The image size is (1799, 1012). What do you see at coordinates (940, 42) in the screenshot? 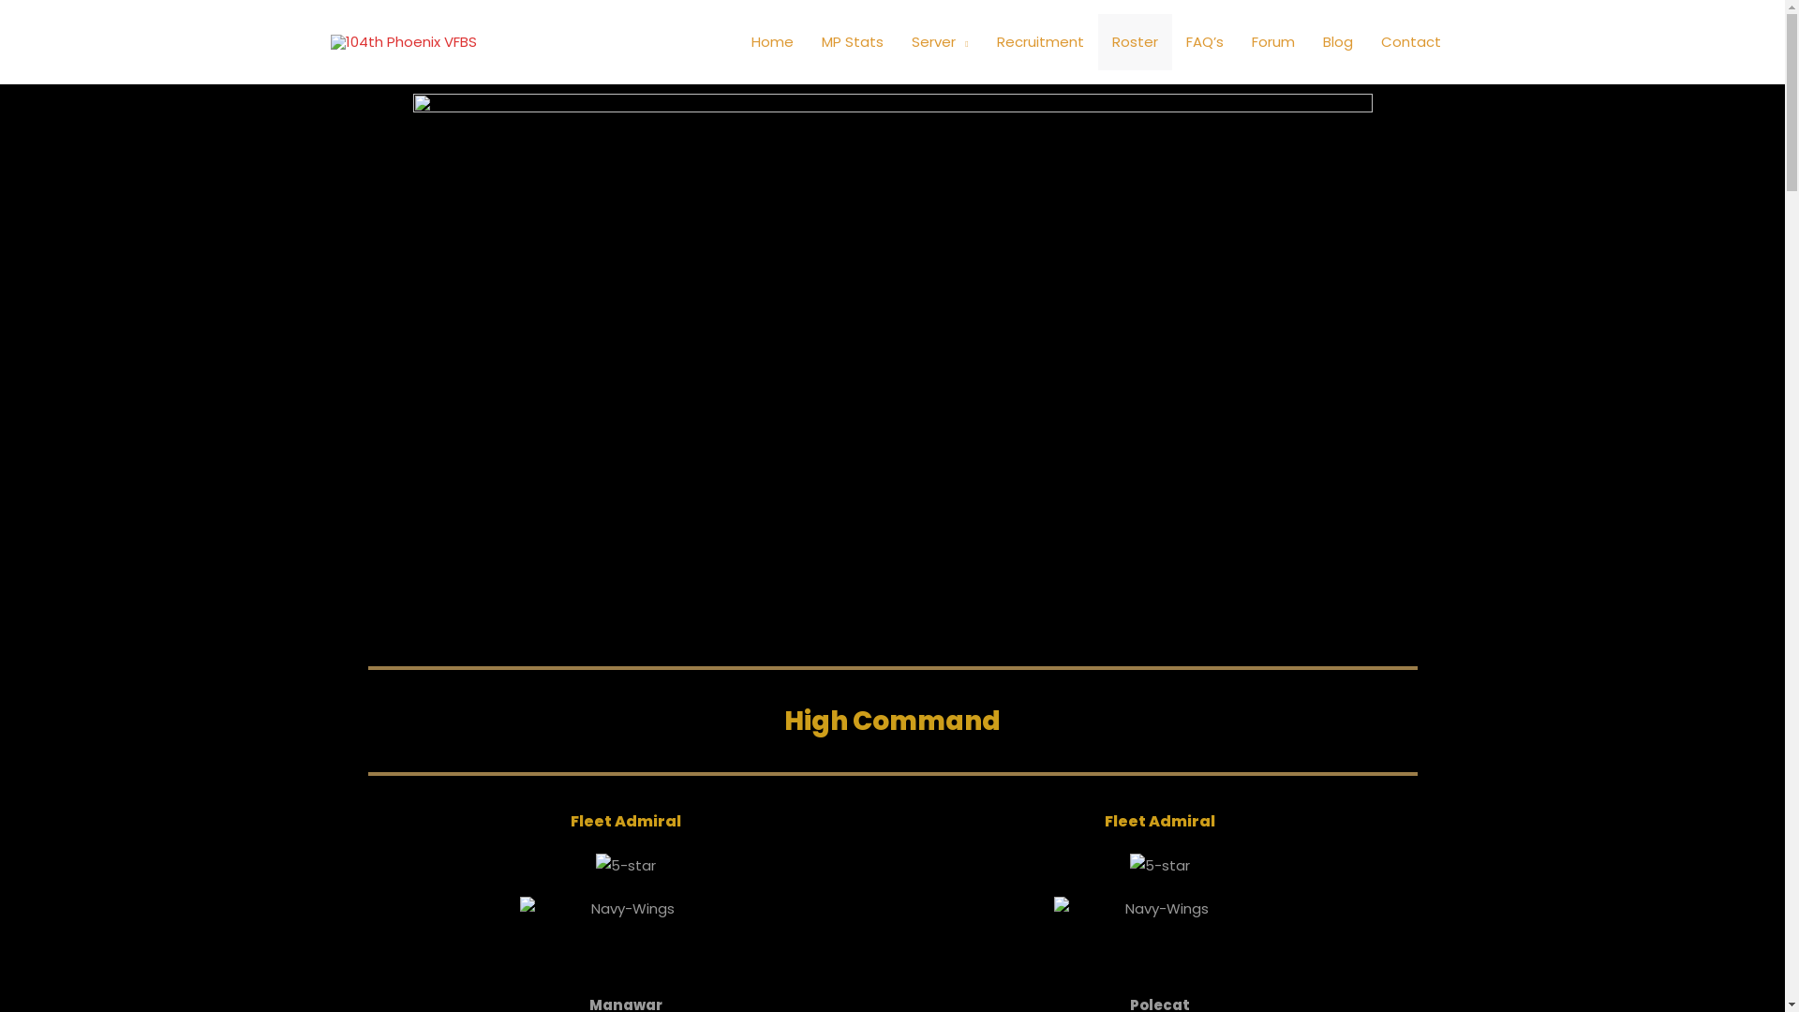
I see `'Server'` at bounding box center [940, 42].